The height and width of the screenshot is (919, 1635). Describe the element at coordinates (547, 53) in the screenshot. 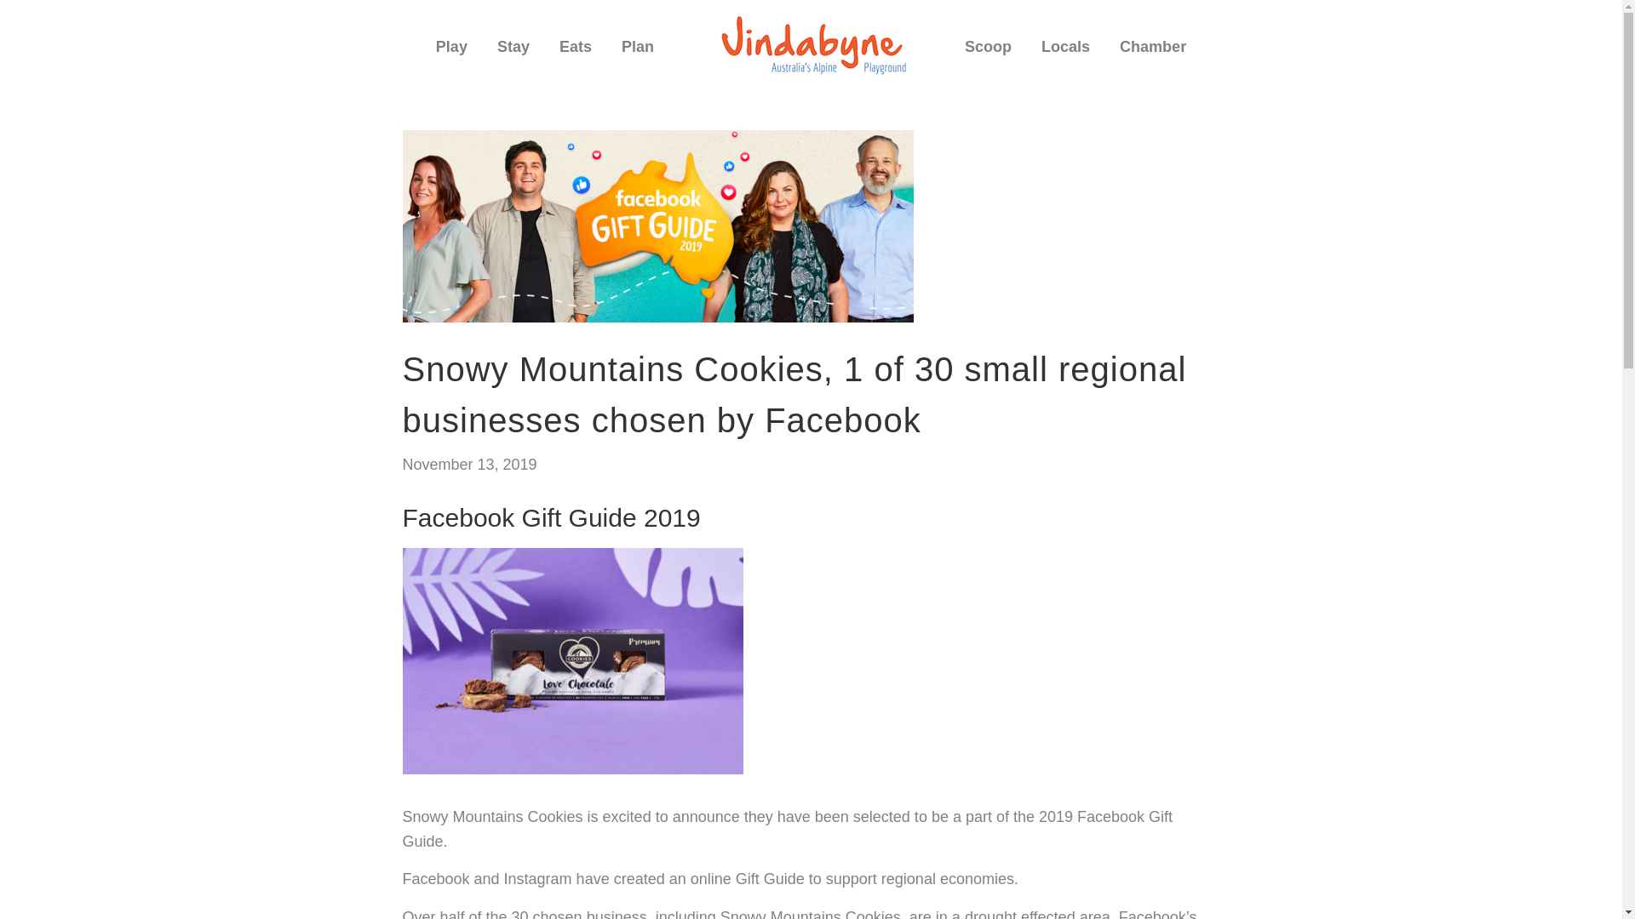

I see `'Eats'` at that location.